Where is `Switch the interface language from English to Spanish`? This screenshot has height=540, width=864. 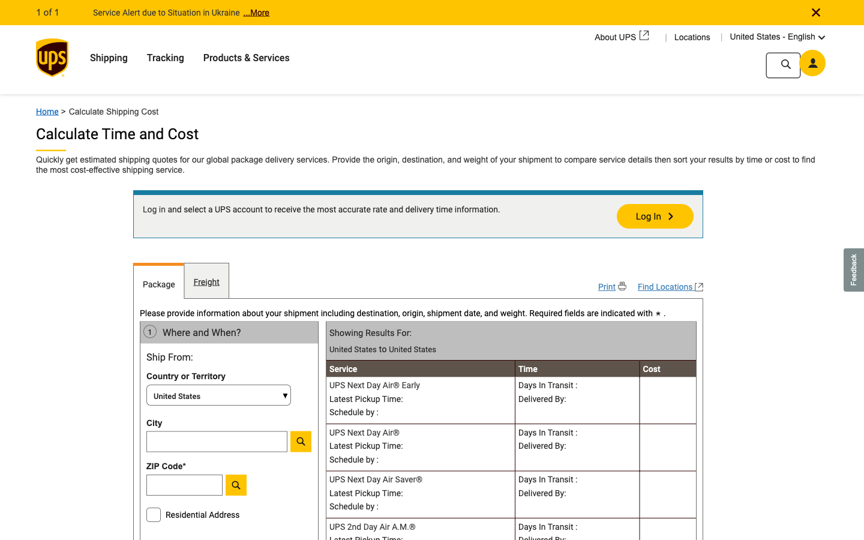
Switch the interface language from English to Spanish is located at coordinates (815, 35).